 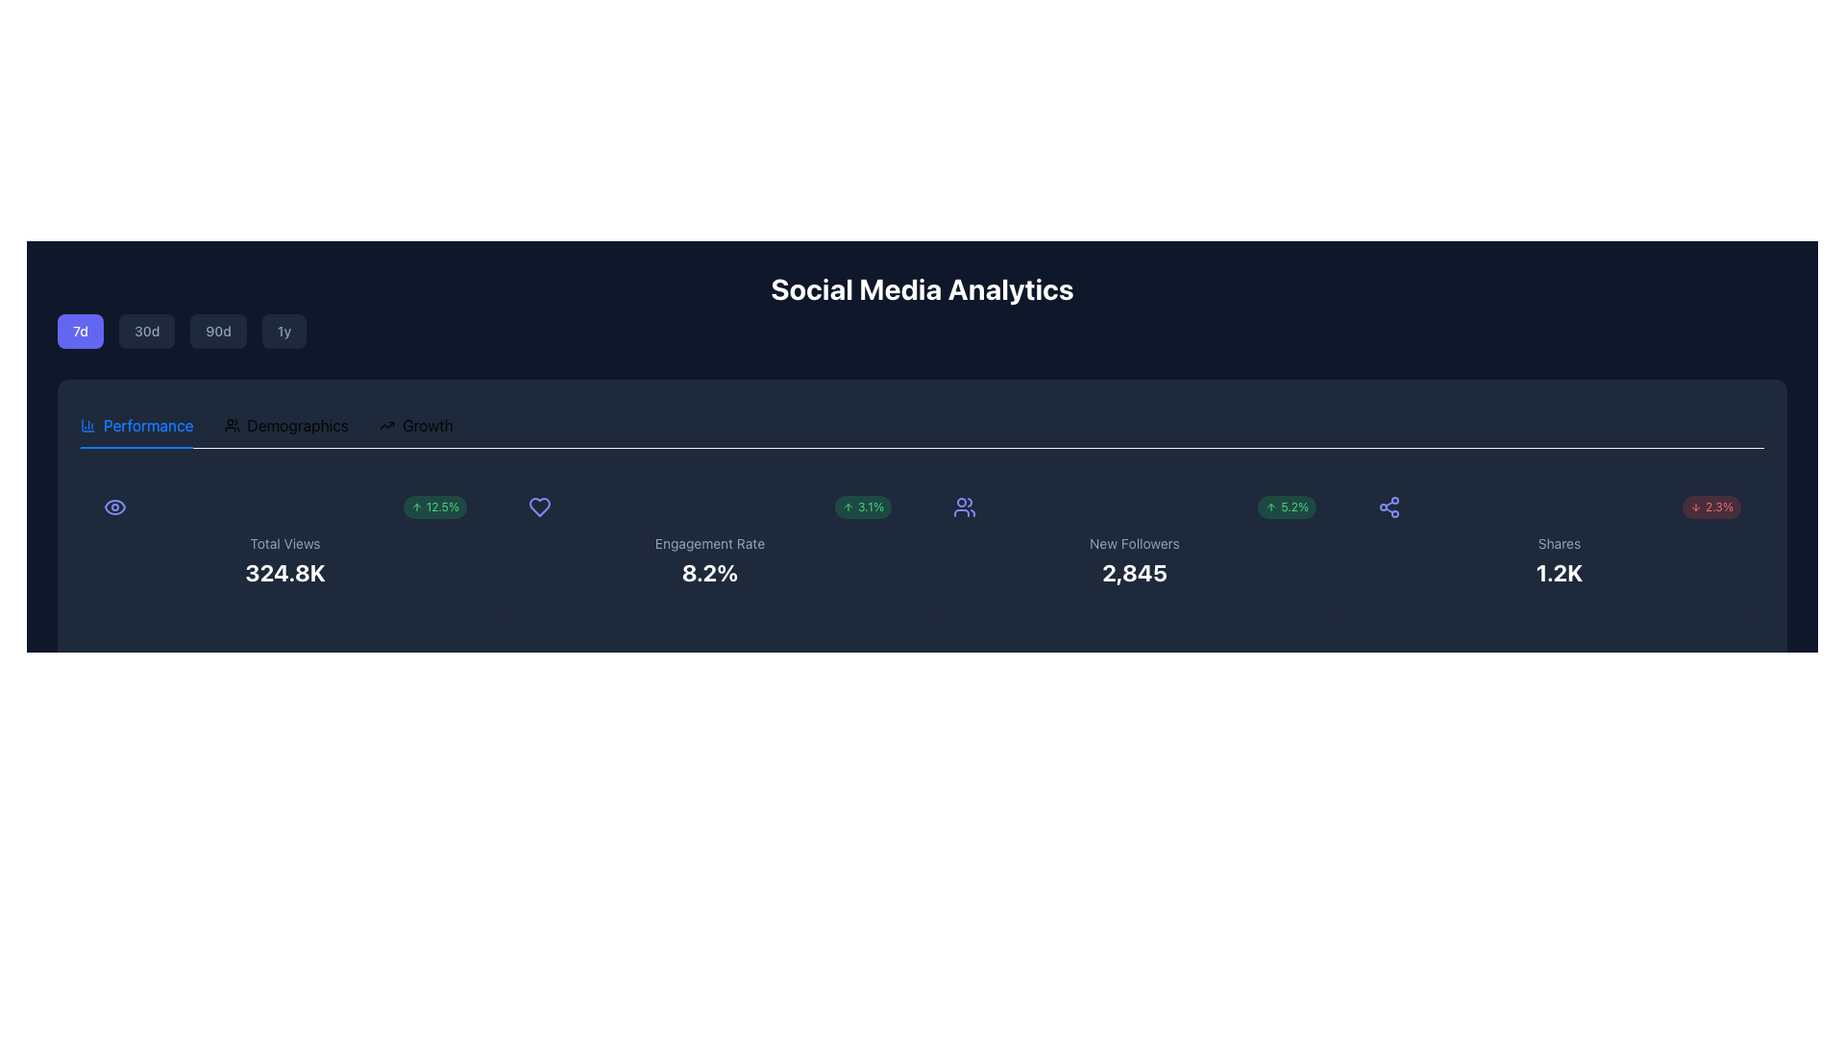 What do you see at coordinates (415, 507) in the screenshot?
I see `the small upward-pointing light green arrow icon located to the left side of the '12.5%' badge in the 'Performance' section` at bounding box center [415, 507].